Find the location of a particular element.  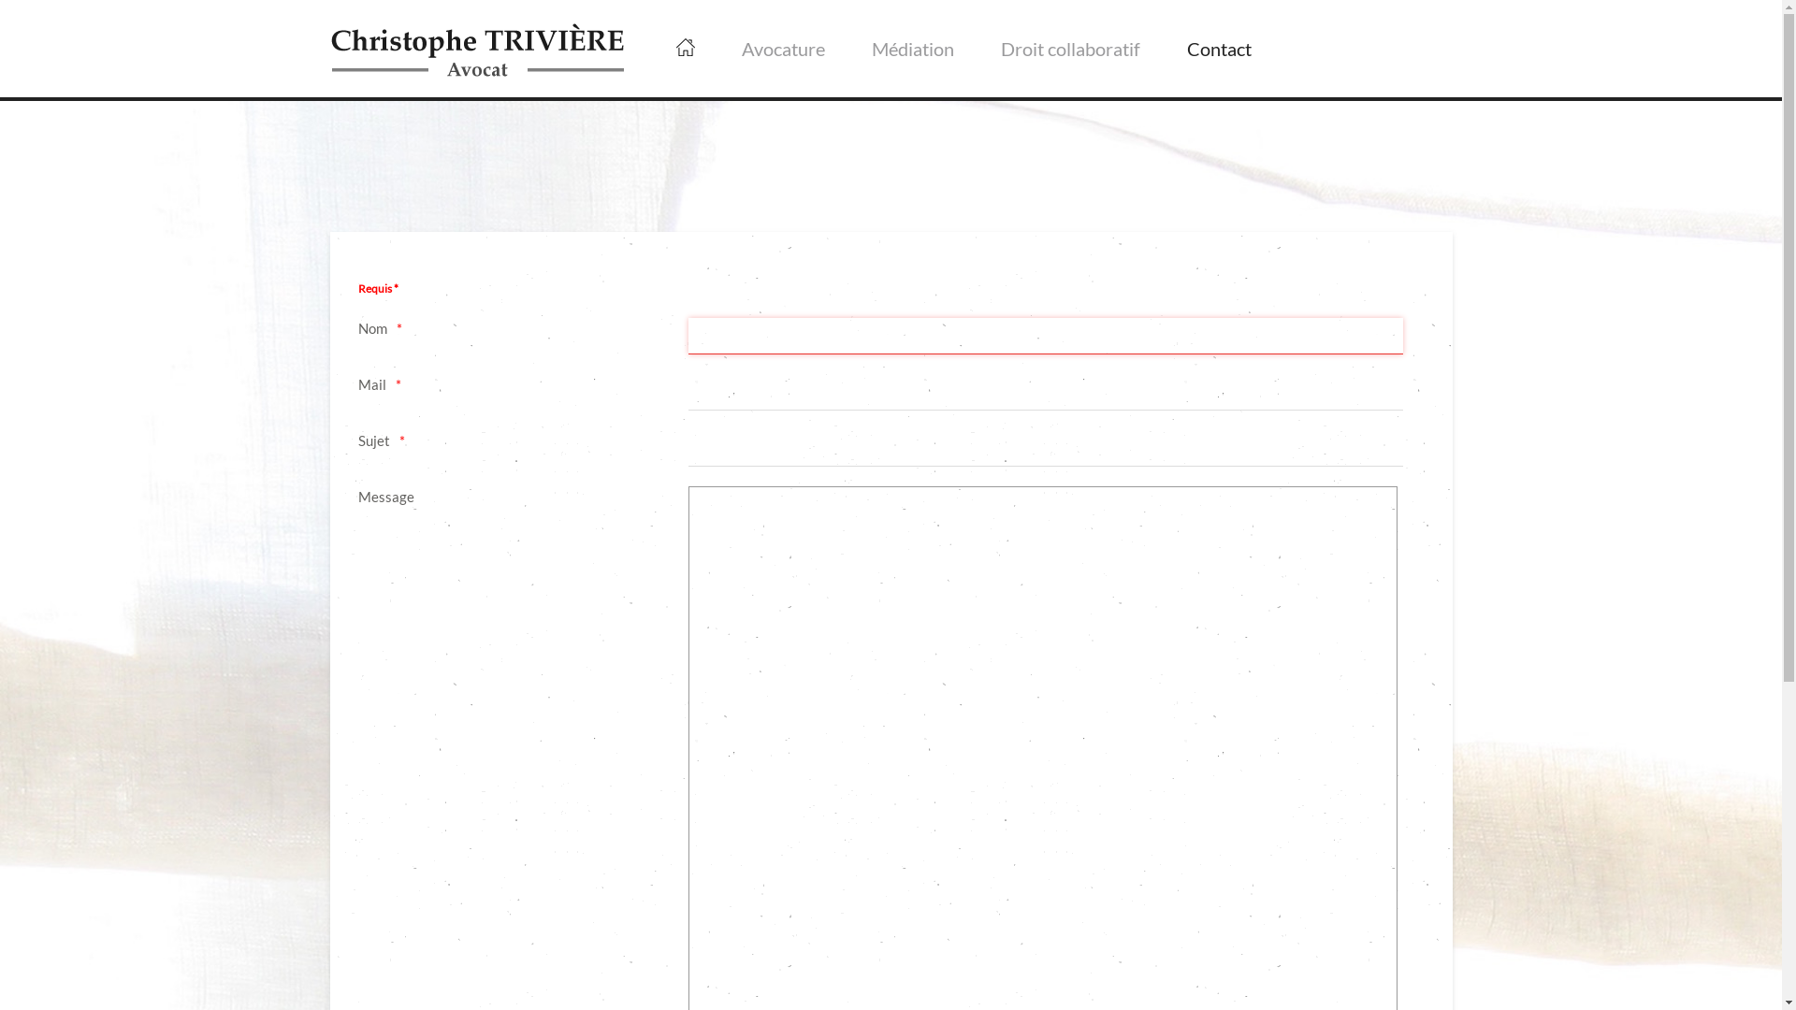

'Avocature' is located at coordinates (783, 47).